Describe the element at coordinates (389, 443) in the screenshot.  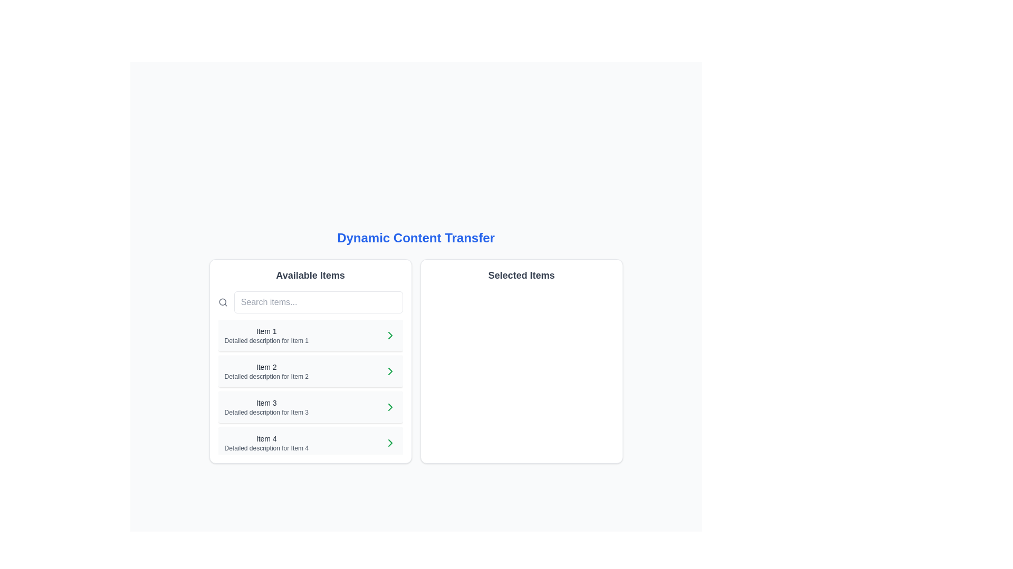
I see `the green rightward-pointing chevron icon located next to the text description for Item 4 in the 'Available Items' list` at that location.